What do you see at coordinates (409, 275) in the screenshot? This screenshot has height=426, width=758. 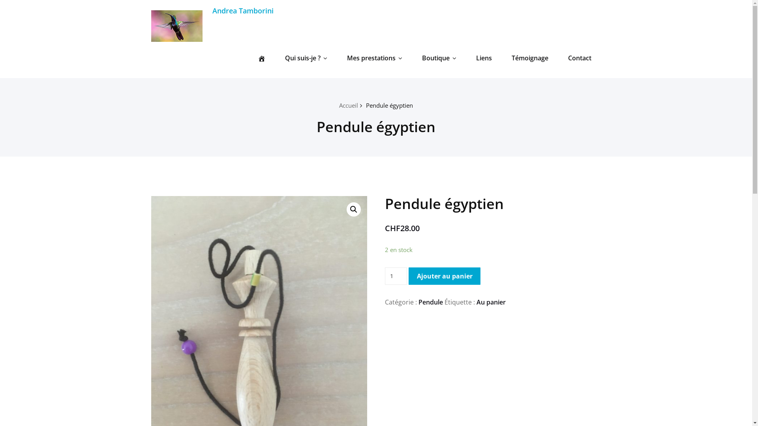 I see `'Ajouter au panier'` at bounding box center [409, 275].